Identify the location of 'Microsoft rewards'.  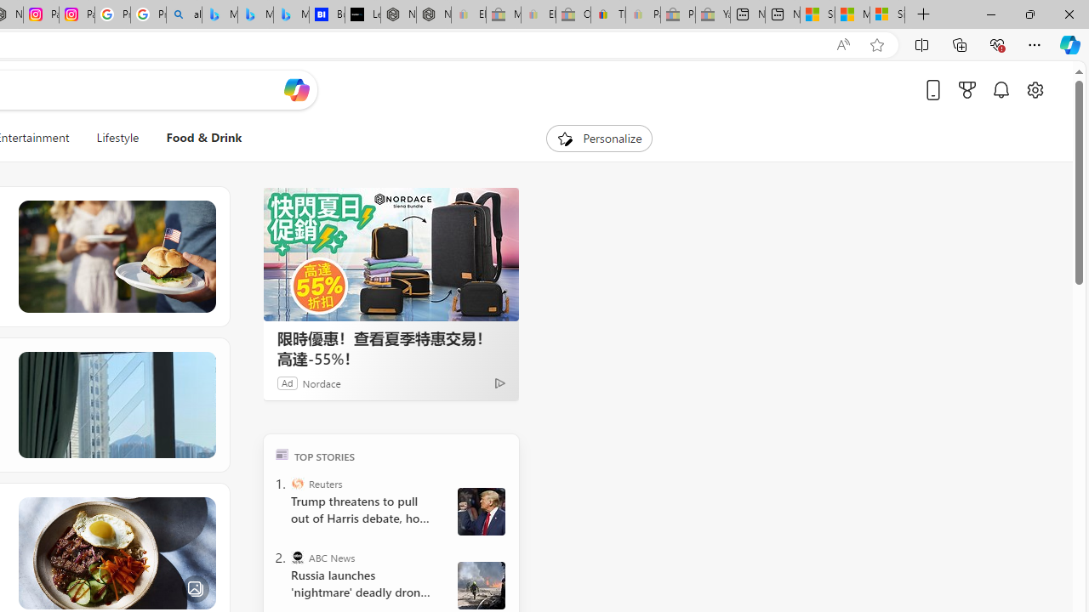
(967, 89).